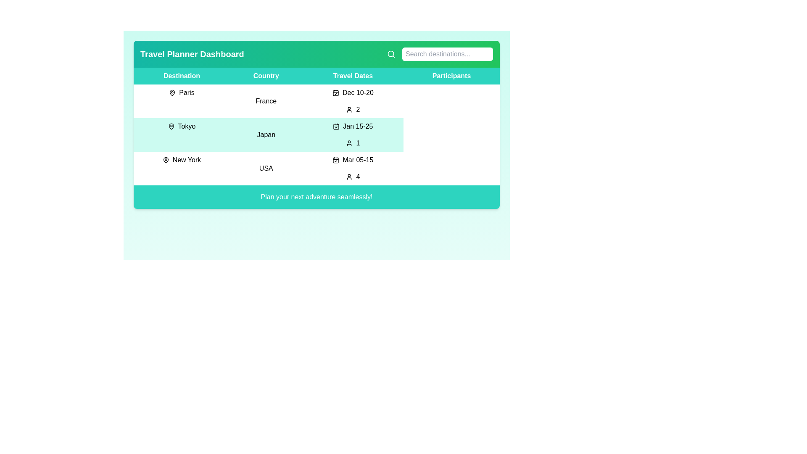 The width and height of the screenshot is (807, 454). I want to click on the table header cell displaying the text 'Country', which is centered within a turquoise rectangle and is the second header in a row of four, positioned between 'Destination' and 'Travel Dates', so click(266, 76).